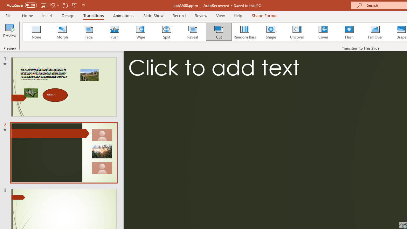 This screenshot has width=407, height=229. What do you see at coordinates (375, 32) in the screenshot?
I see `'Fall Over'` at bounding box center [375, 32].